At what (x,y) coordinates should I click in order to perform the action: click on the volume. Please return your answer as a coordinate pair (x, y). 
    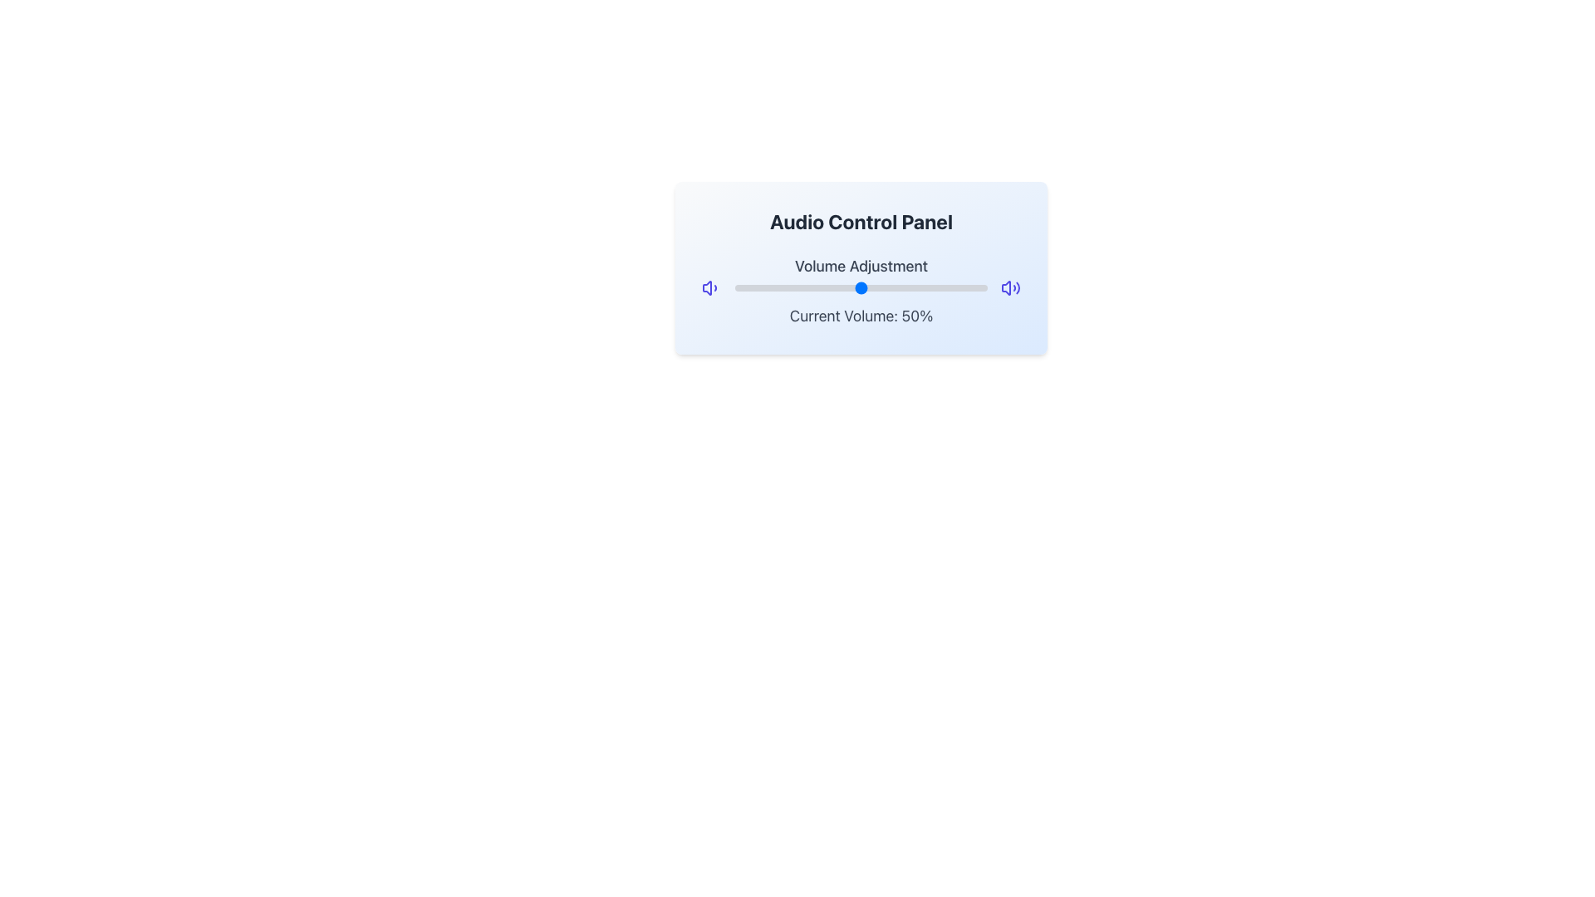
    Looking at the image, I should click on (806, 284).